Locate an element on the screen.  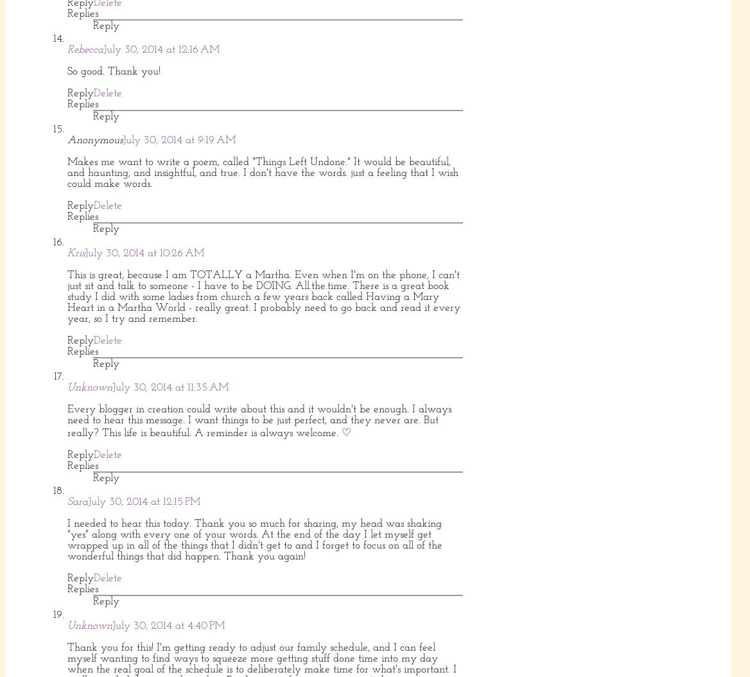
'July 30, 2014 at 12:16 AM' is located at coordinates (161, 48).